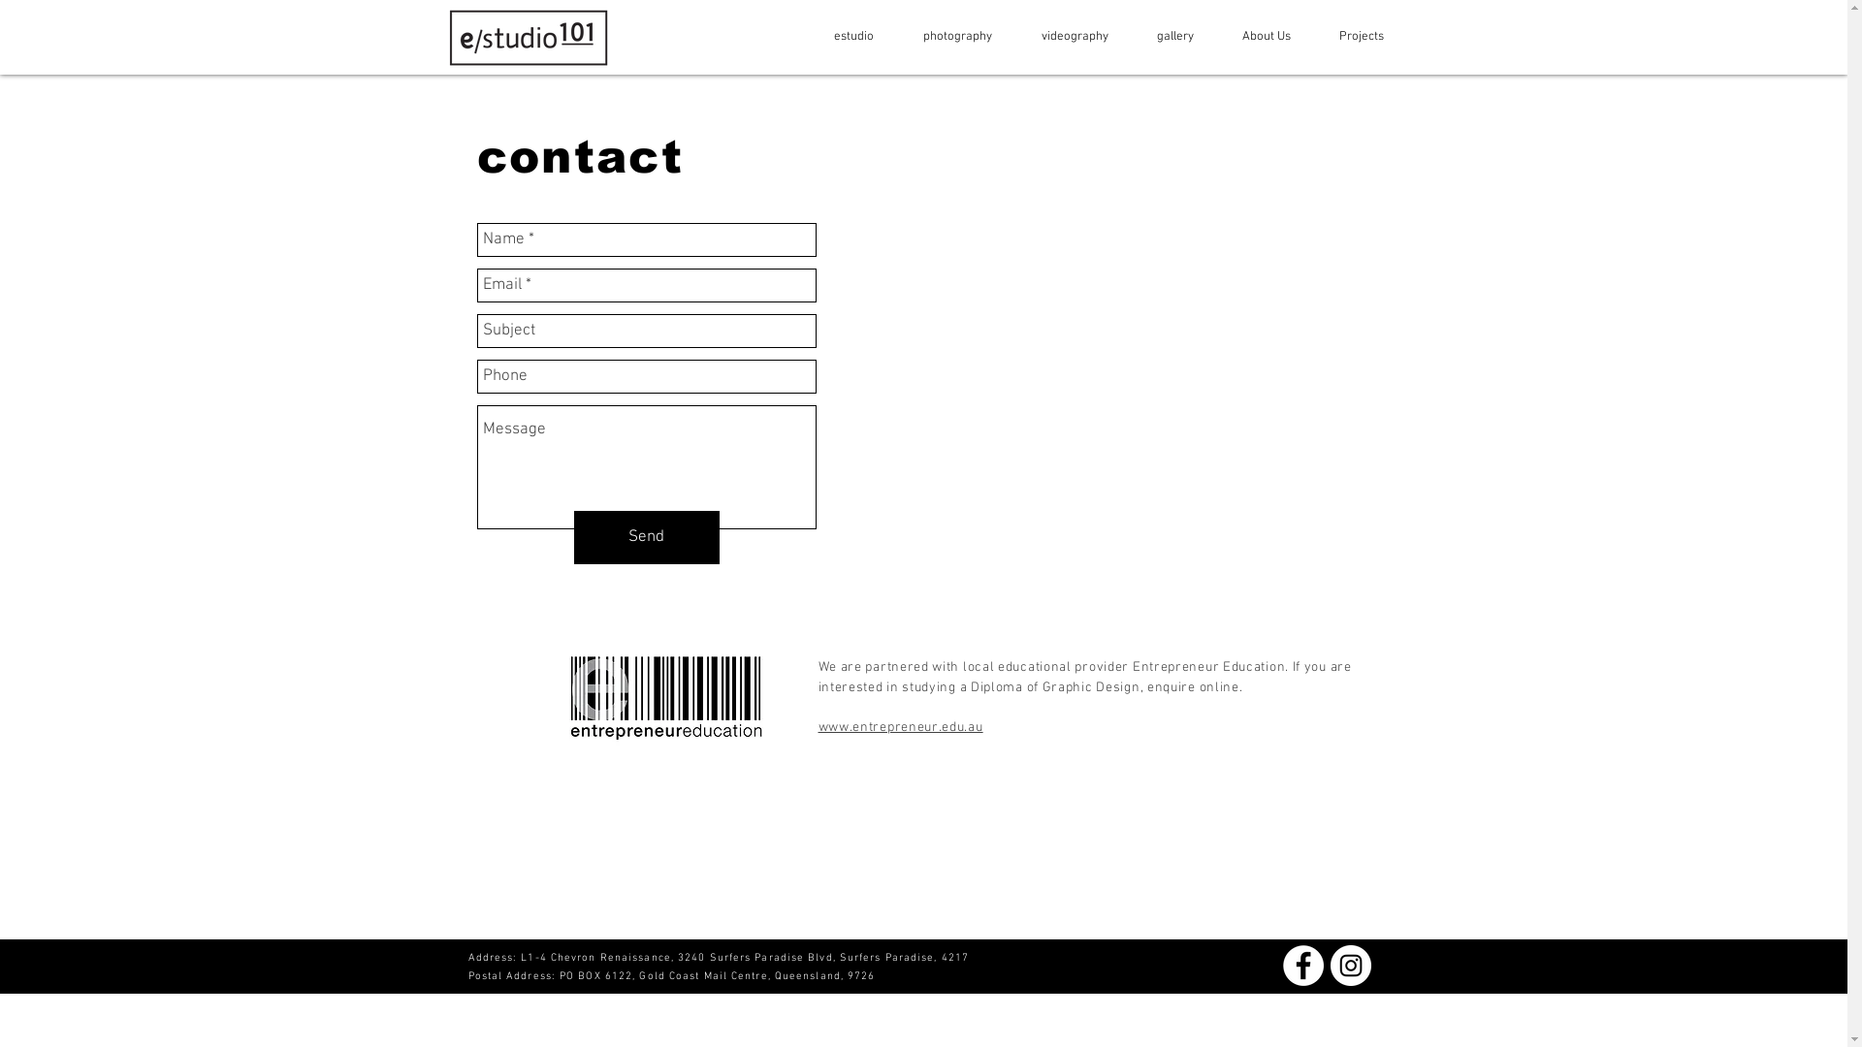 This screenshot has height=1047, width=1862. What do you see at coordinates (1257, 37) in the screenshot?
I see `'About Us'` at bounding box center [1257, 37].